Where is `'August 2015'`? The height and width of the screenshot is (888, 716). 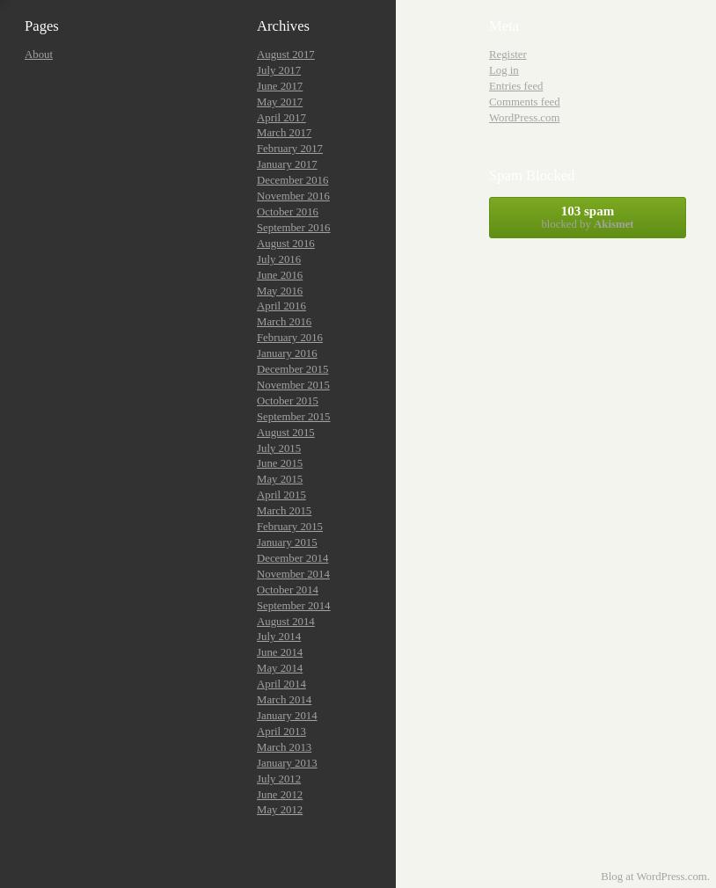 'August 2015' is located at coordinates (285, 431).